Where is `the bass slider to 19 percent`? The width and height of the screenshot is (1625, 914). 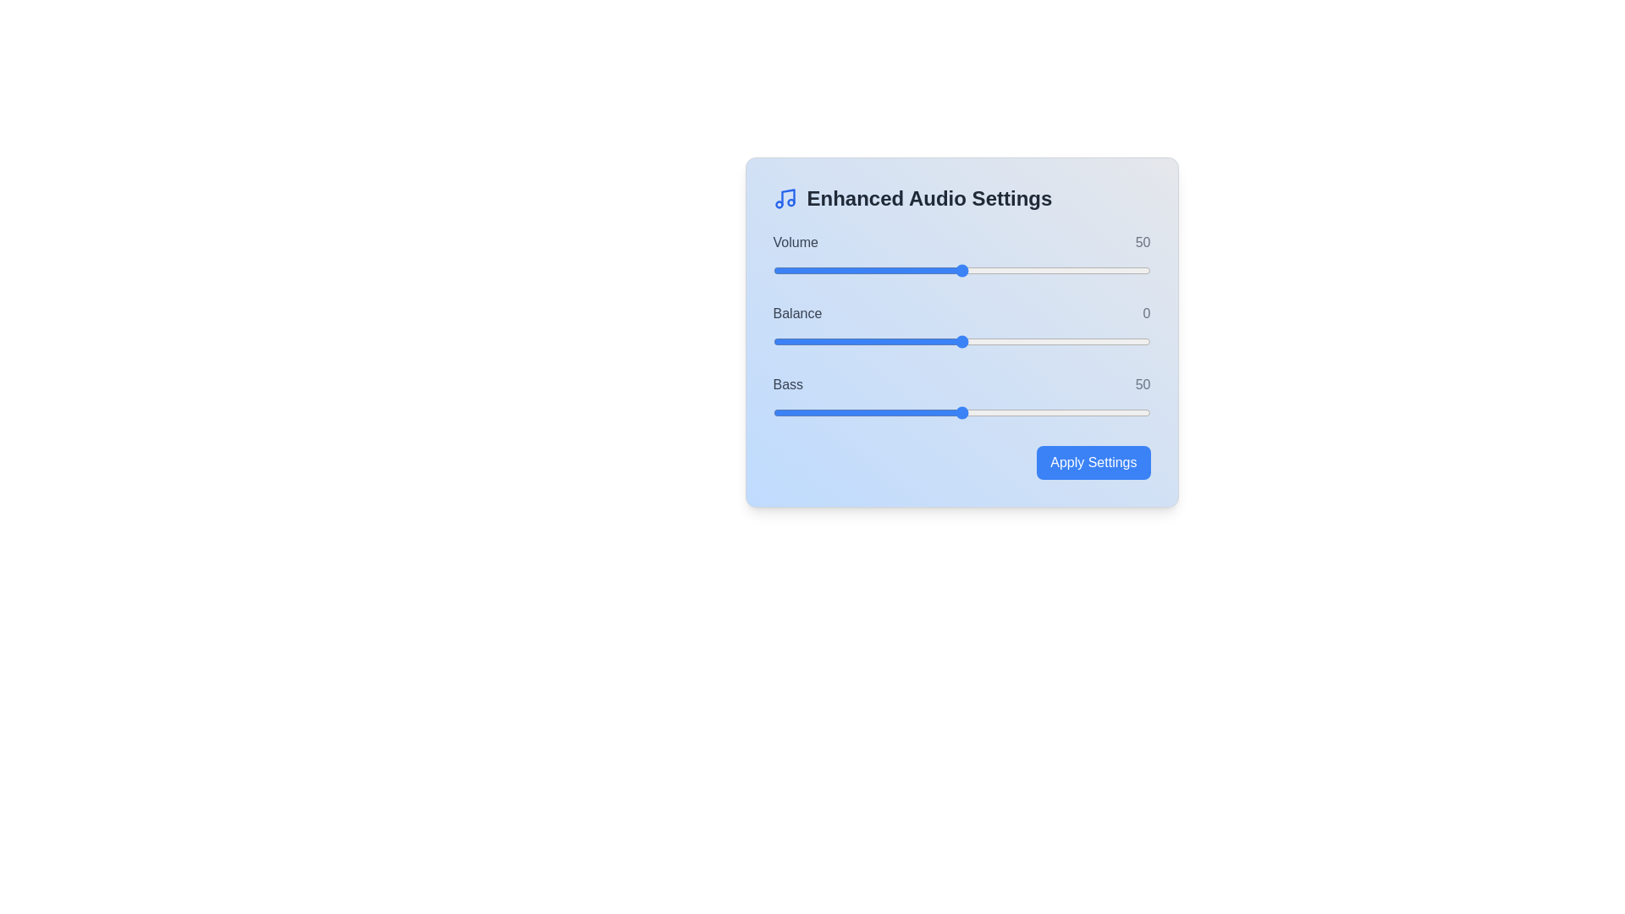
the bass slider to 19 percent is located at coordinates (845, 413).